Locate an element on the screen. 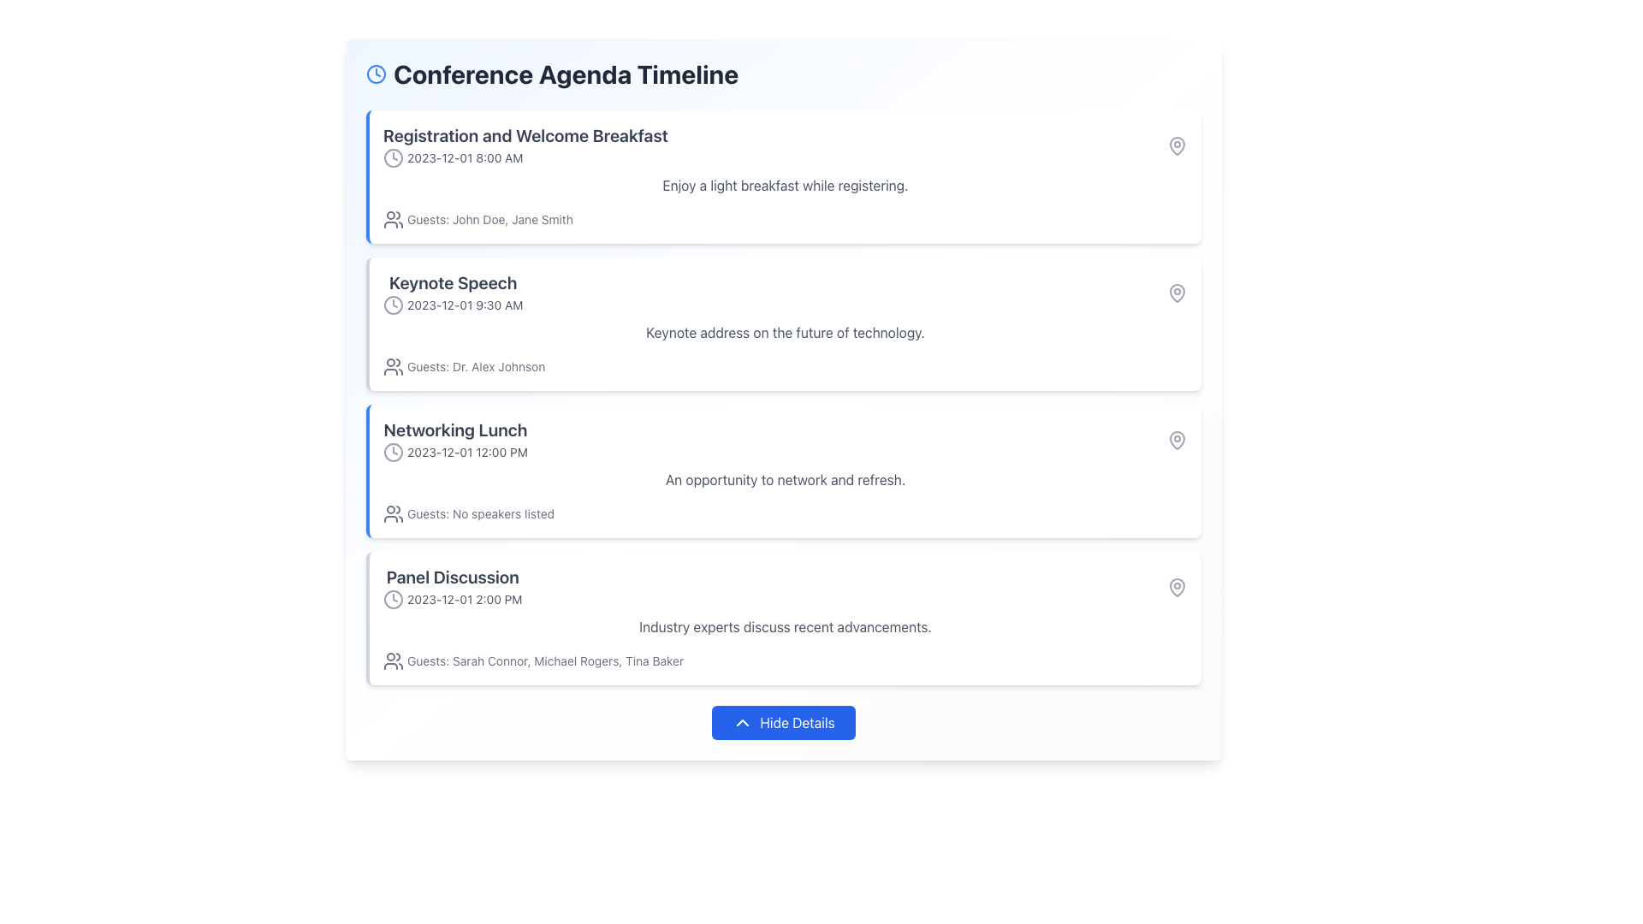  text heading located in the fourth event card from the top in the 'Conference Agenda Timeline' interface, which summarizes the event described in the card is located at coordinates (453, 577).